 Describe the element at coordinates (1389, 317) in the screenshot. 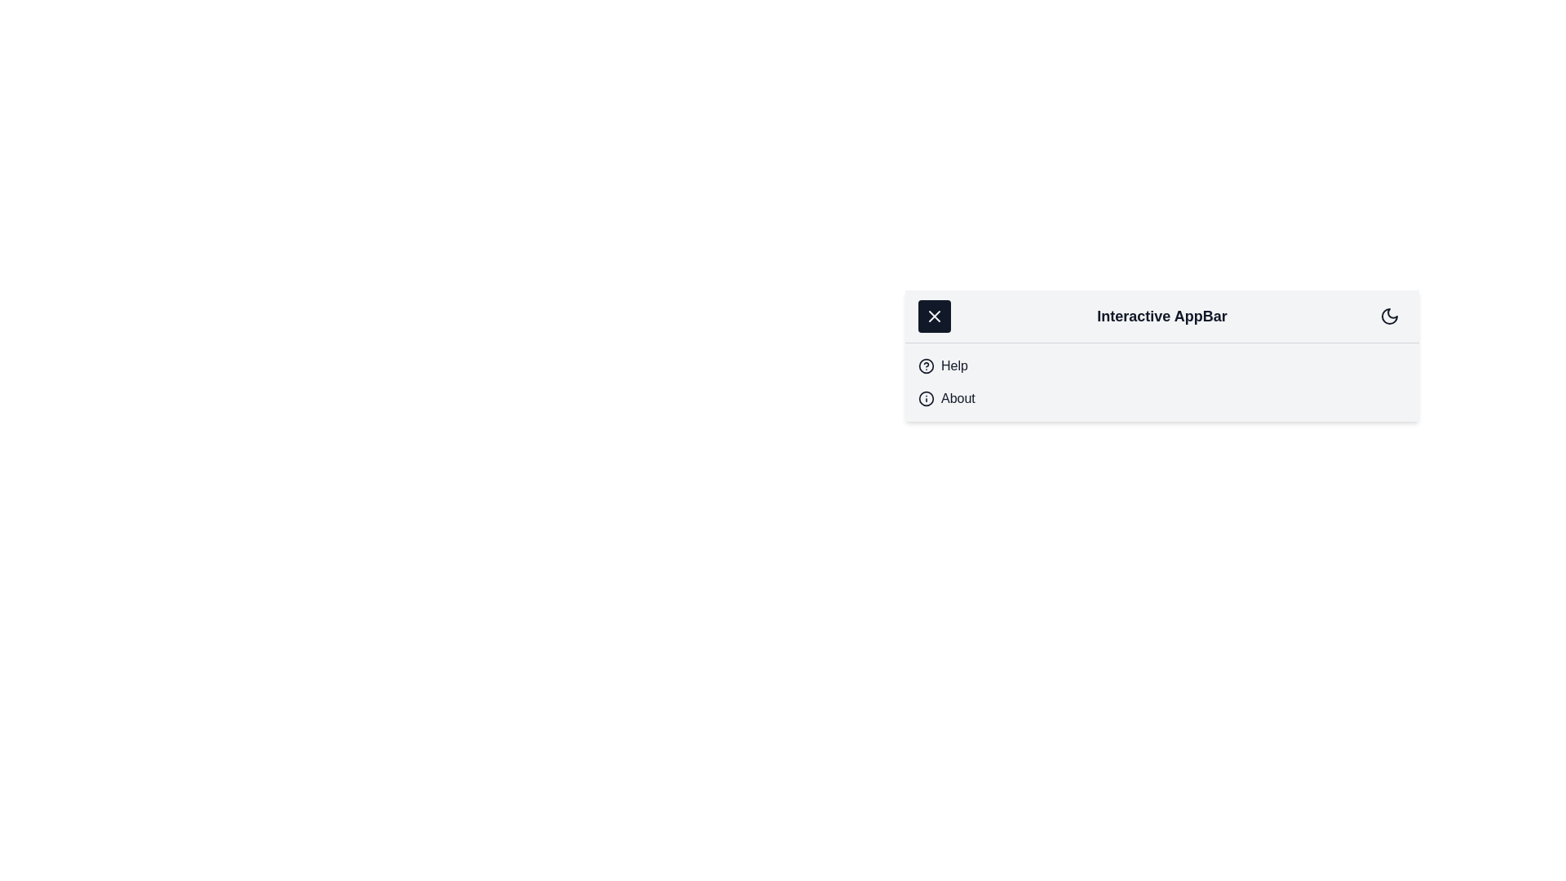

I see `the button to toggle between dark and light mode` at that location.